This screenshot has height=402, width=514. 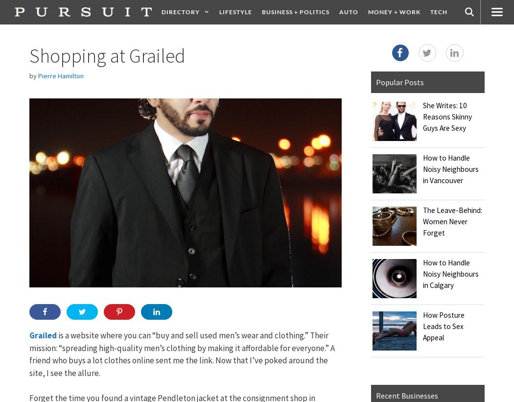 What do you see at coordinates (352, 36) in the screenshot?
I see `'Food + Drink'` at bounding box center [352, 36].